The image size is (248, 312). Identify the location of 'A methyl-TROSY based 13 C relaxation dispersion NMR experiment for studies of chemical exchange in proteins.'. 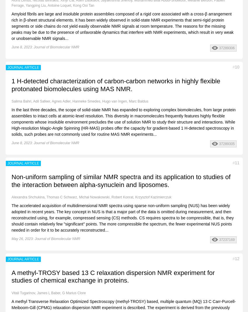
(11, 276).